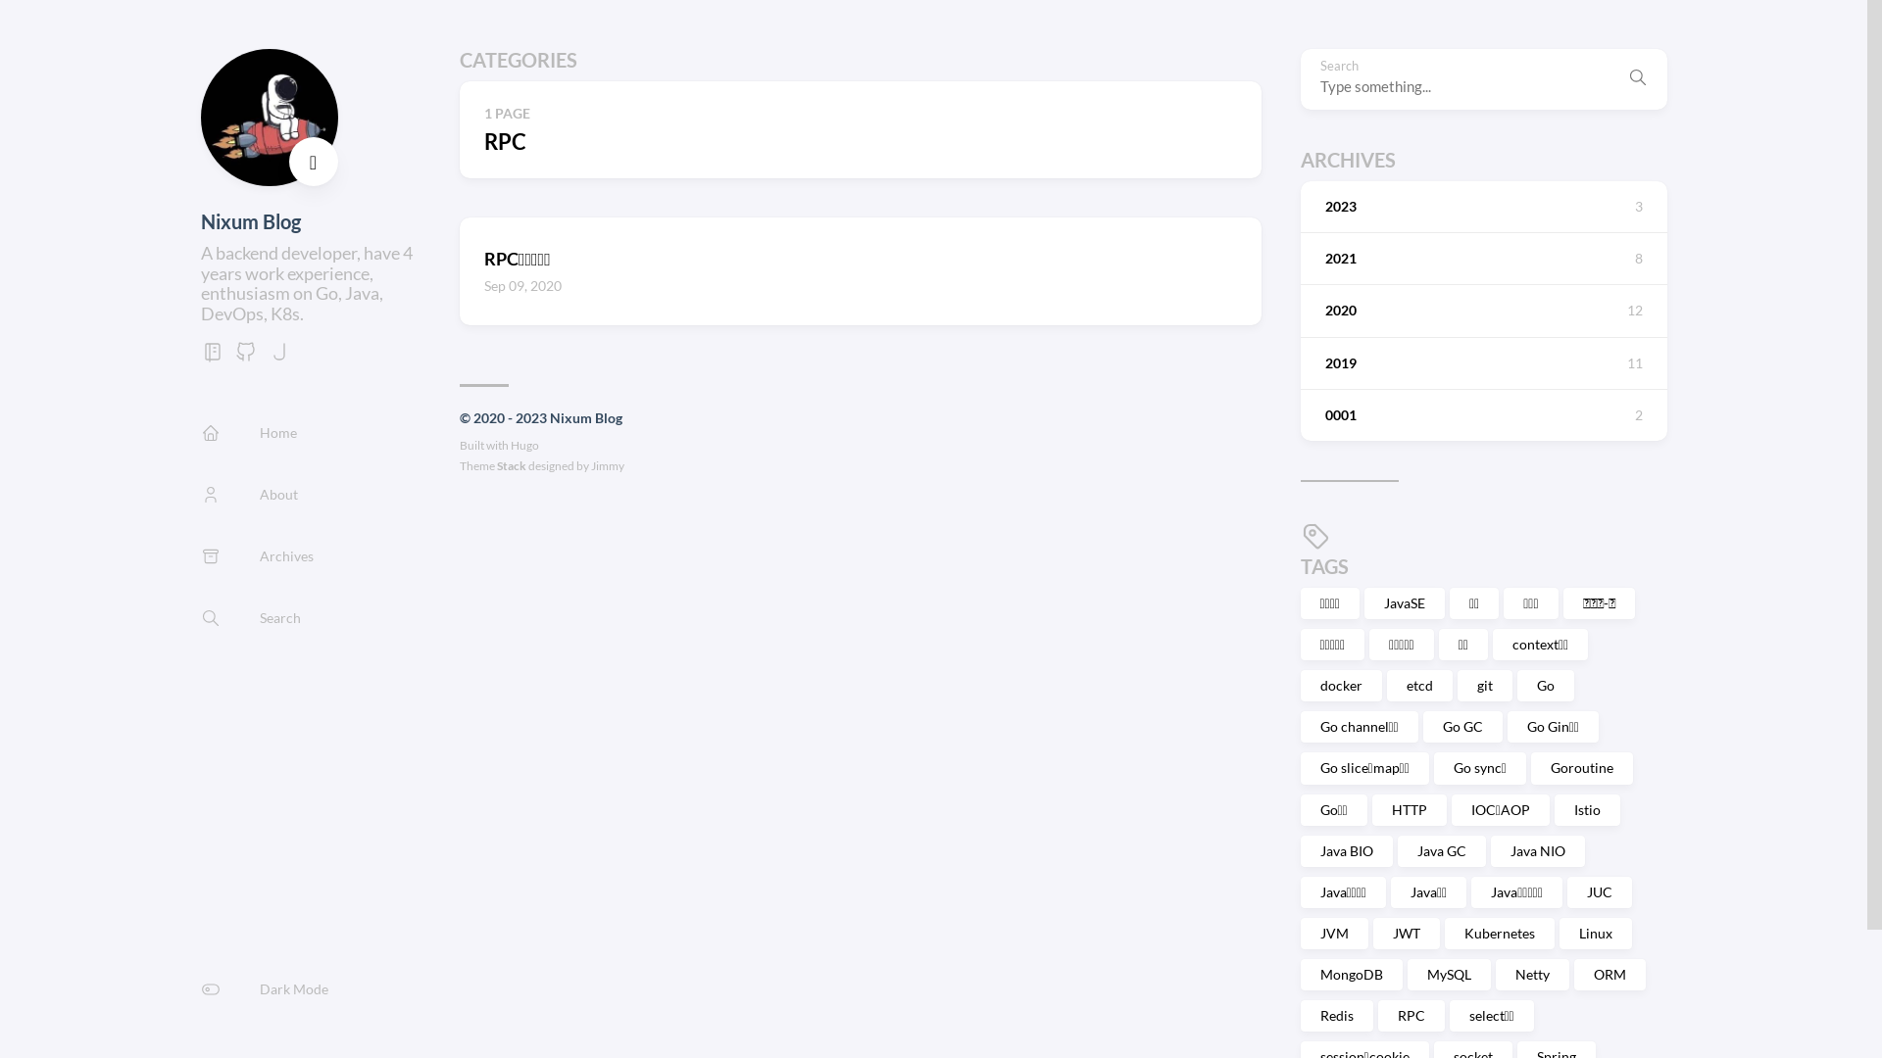 This screenshot has height=1058, width=1882. I want to click on 'MongoDB', so click(1349, 975).